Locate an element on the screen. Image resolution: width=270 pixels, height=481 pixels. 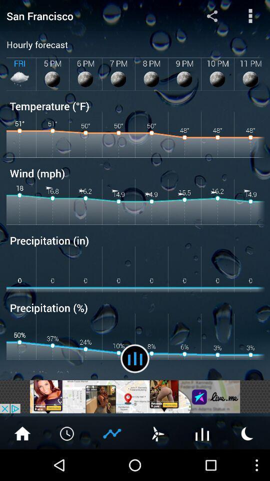
time is located at coordinates (67, 432).